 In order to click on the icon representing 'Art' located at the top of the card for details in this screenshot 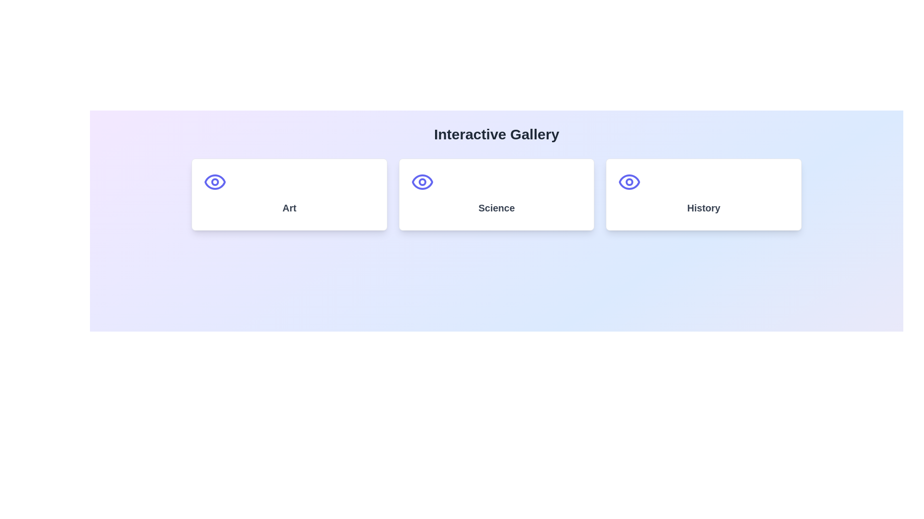, I will do `click(215, 182)`.